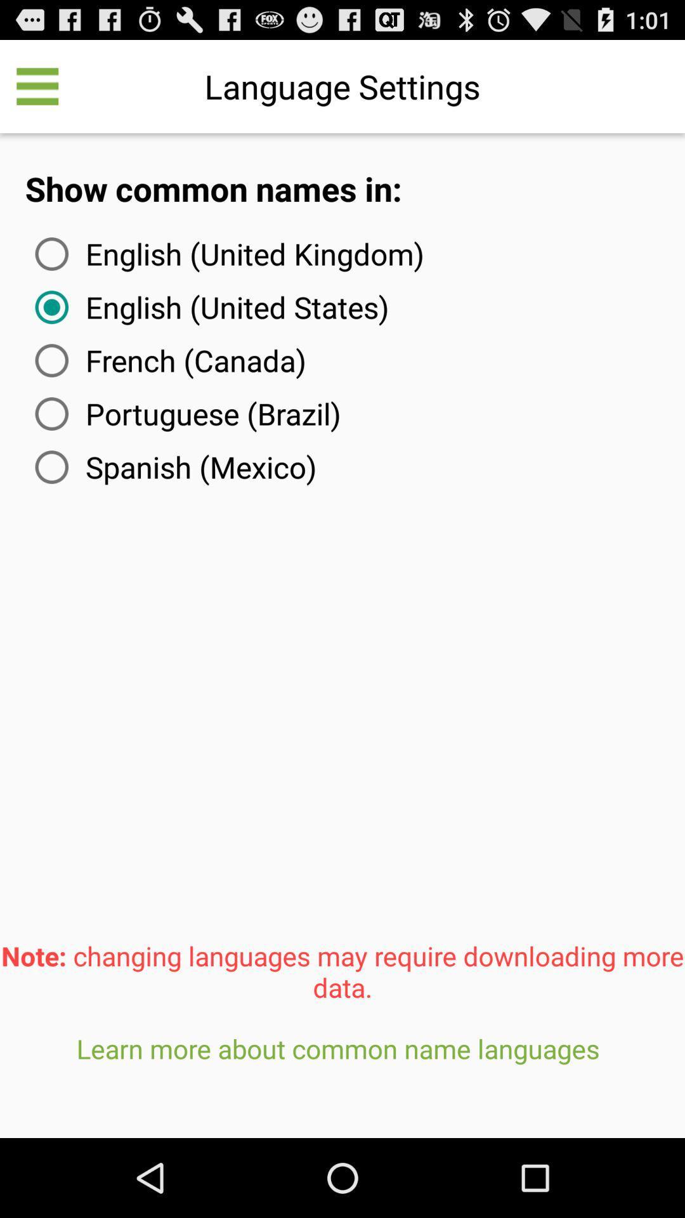 The image size is (685, 1218). Describe the element at coordinates (167, 360) in the screenshot. I see `french (canada) item` at that location.